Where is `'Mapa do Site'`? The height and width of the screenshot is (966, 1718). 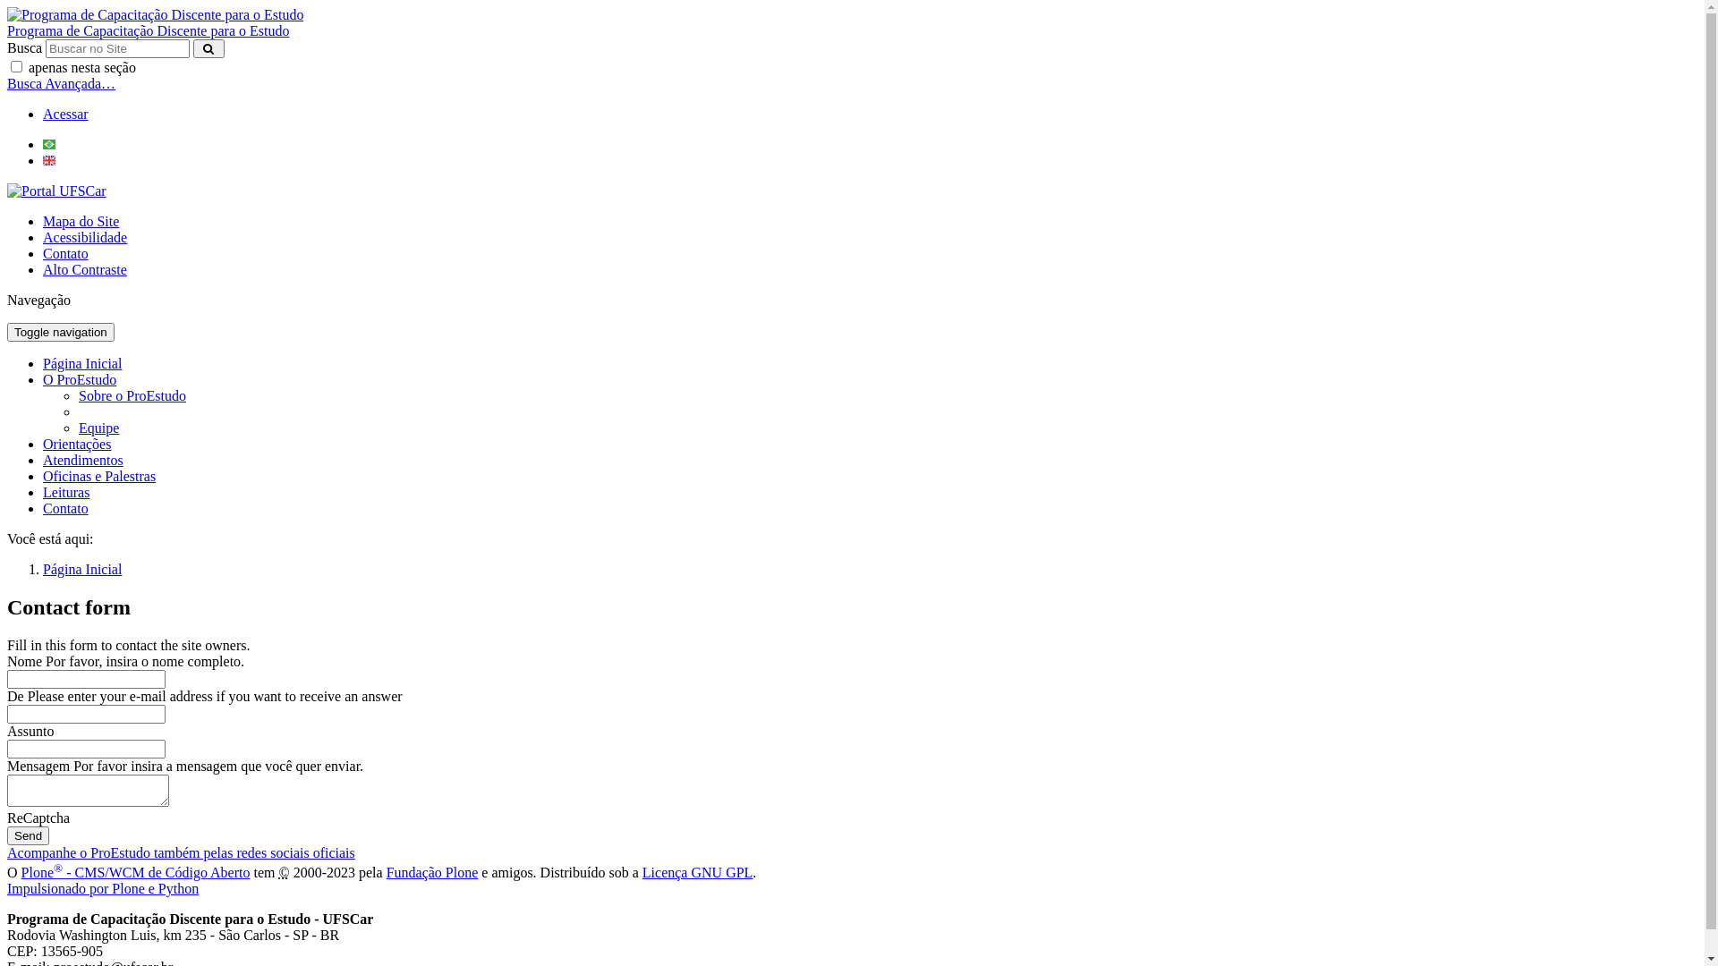 'Mapa do Site' is located at coordinates (80, 220).